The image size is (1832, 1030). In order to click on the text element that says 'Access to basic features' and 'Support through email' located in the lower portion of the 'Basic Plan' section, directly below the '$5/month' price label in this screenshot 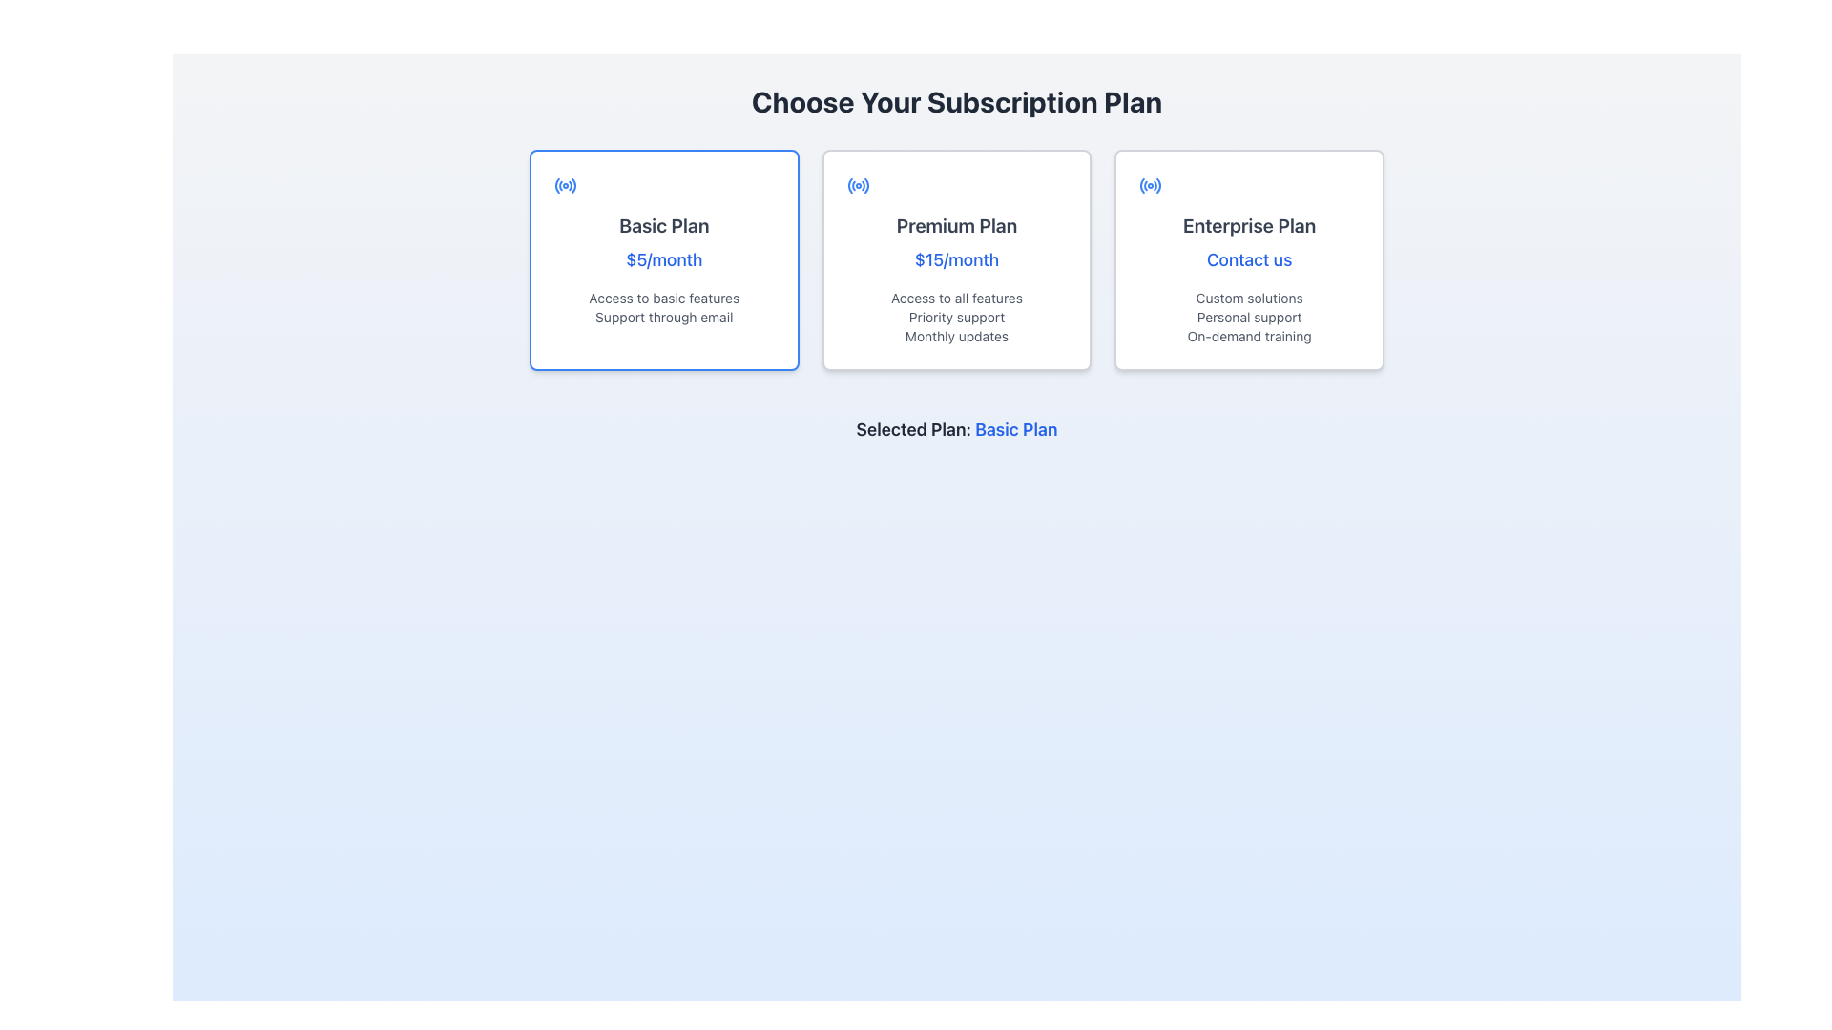, I will do `click(664, 307)`.